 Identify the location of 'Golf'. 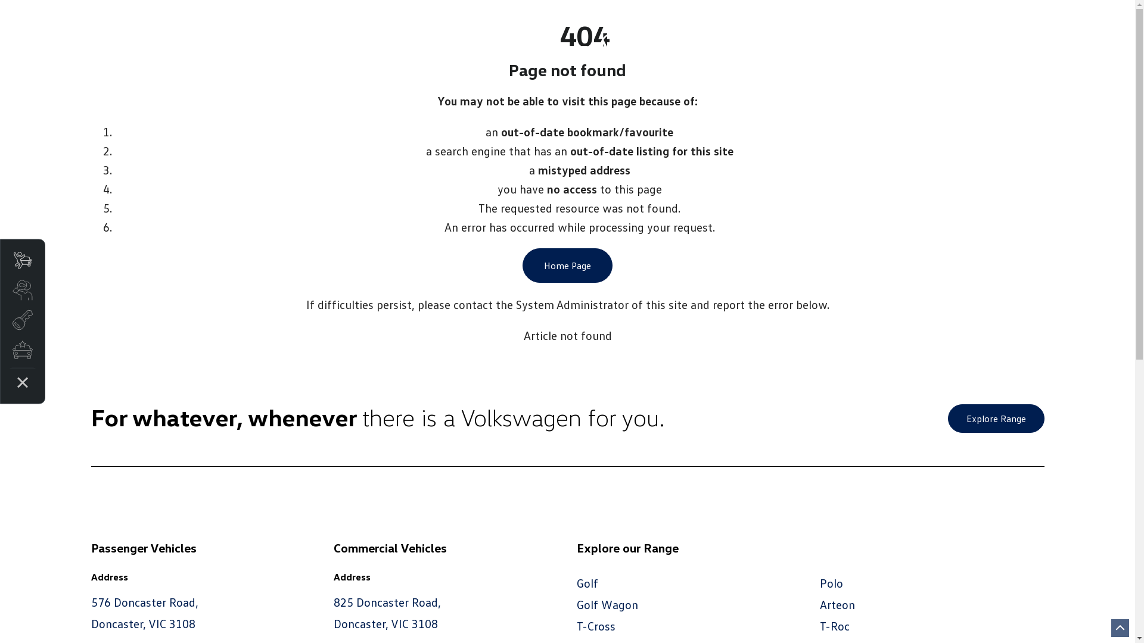
(587, 582).